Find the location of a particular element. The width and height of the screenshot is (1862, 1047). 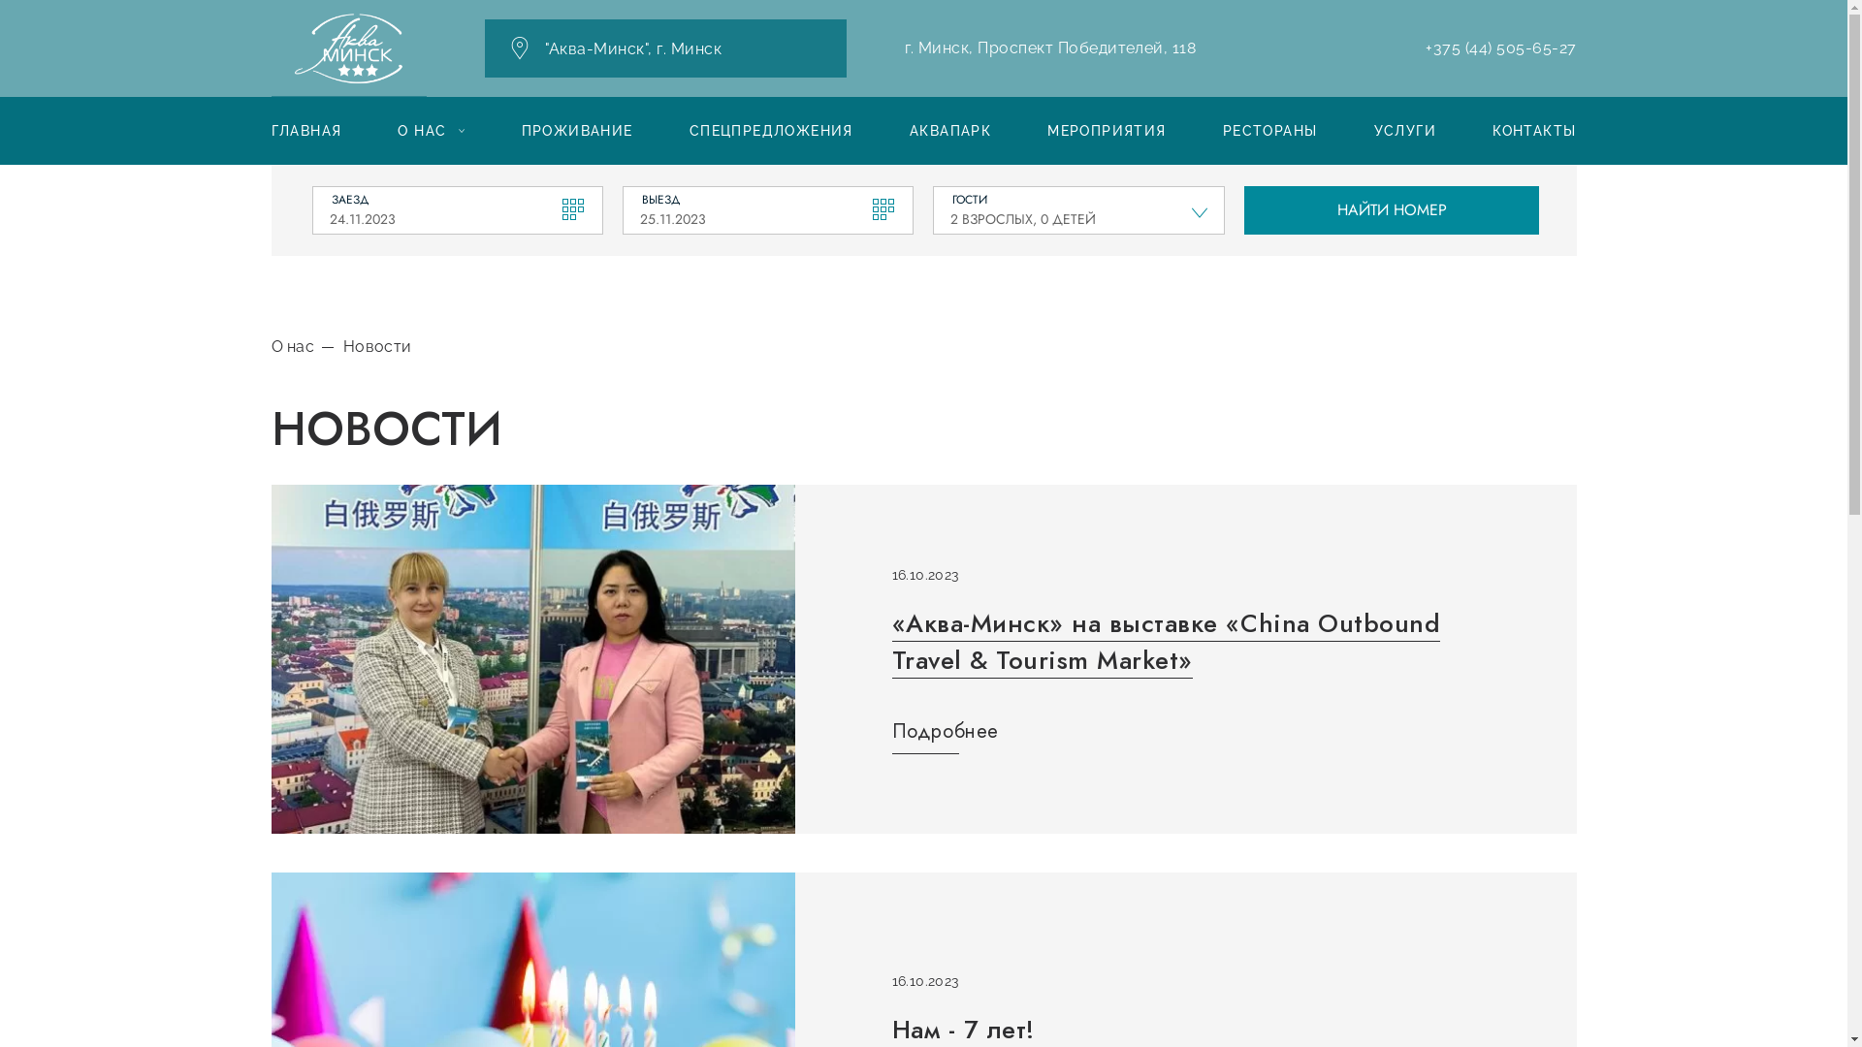

'+375 (44) 505-65-27' is located at coordinates (1499, 48).